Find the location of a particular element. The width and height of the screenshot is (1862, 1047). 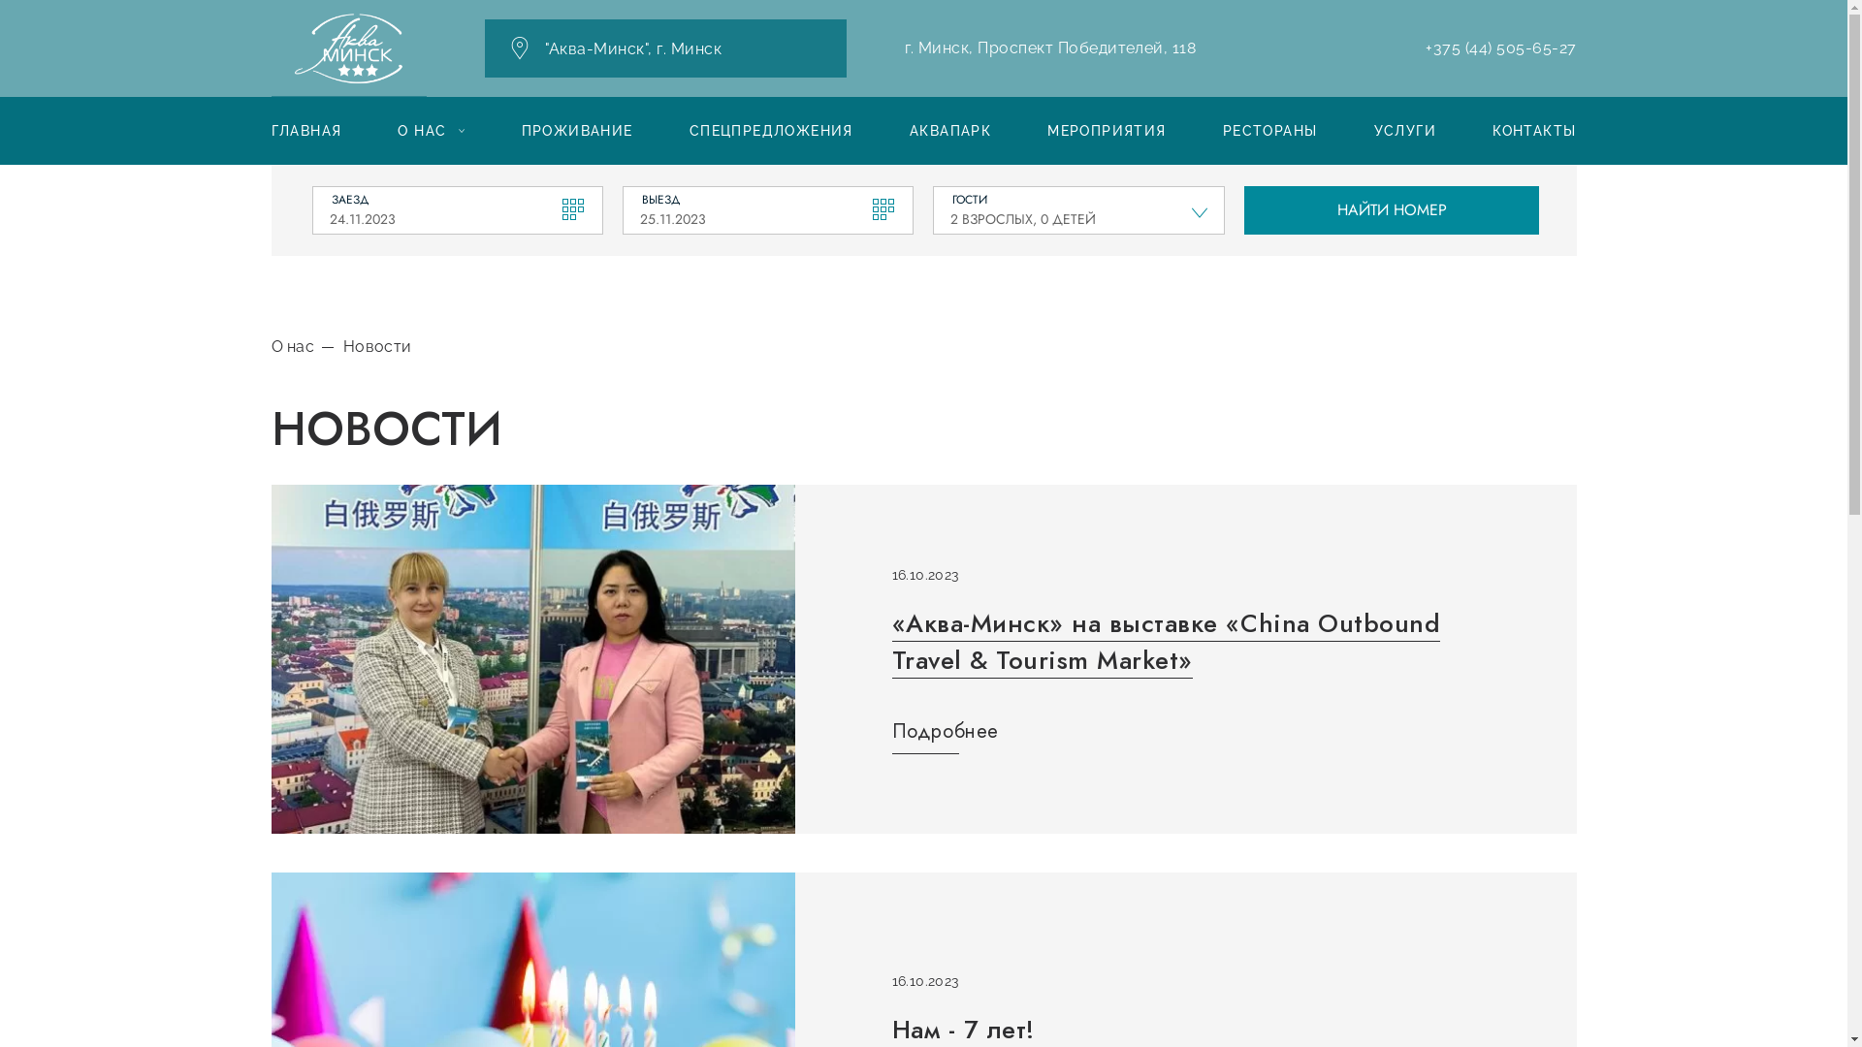

'+375 (44) 505-65-27' is located at coordinates (1499, 48).